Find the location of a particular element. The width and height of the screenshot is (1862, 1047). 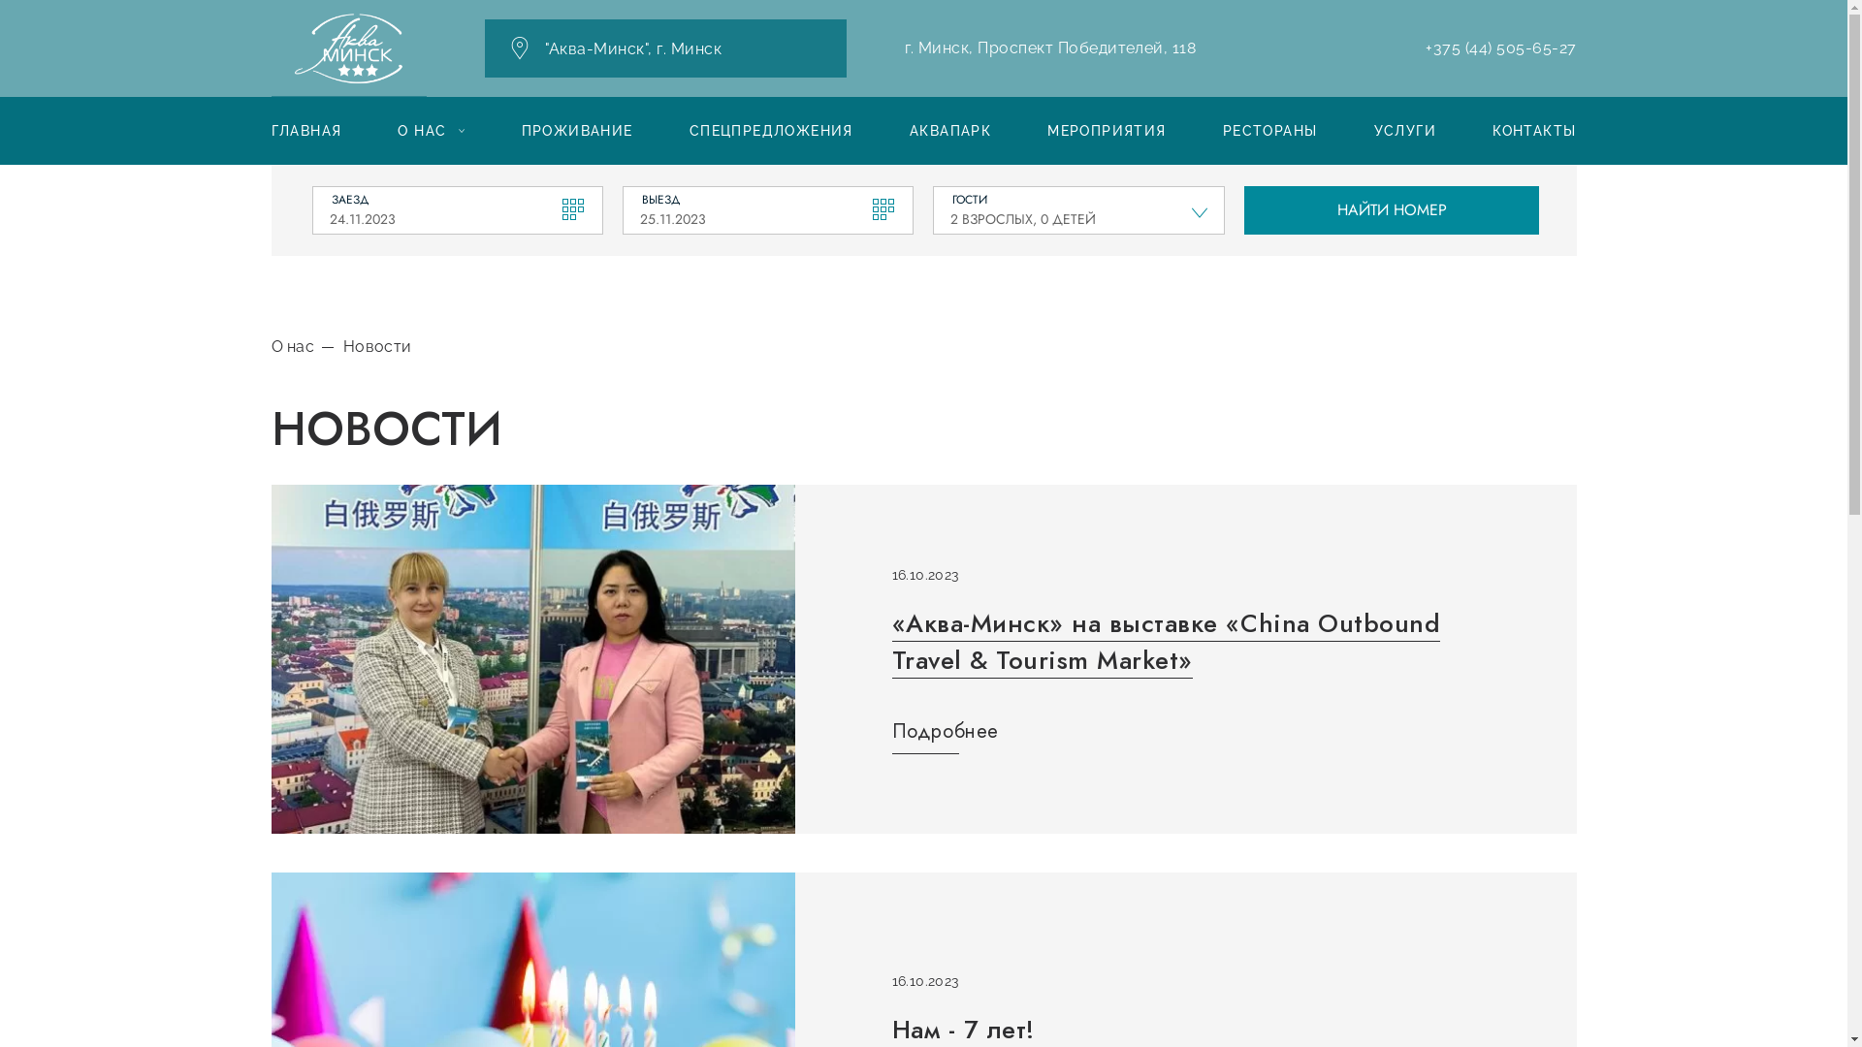

'+375 (44) 505-65-27' is located at coordinates (1499, 48).